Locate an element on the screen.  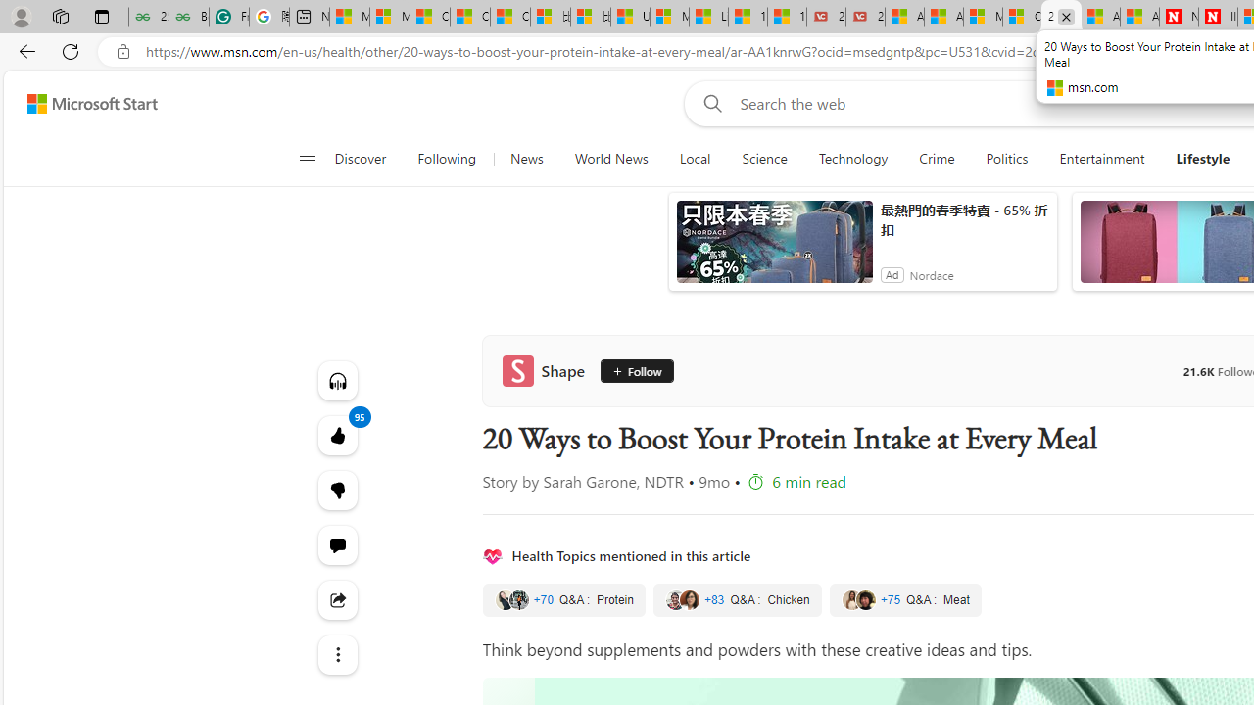
'Start the conversation' is located at coordinates (337, 544).